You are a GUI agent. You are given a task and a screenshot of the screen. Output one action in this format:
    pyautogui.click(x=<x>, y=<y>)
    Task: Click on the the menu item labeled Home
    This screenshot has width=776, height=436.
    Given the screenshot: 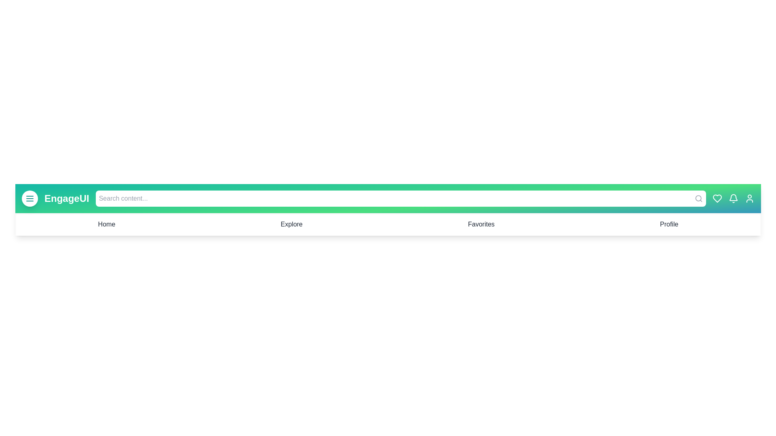 What is the action you would take?
    pyautogui.click(x=106, y=224)
    